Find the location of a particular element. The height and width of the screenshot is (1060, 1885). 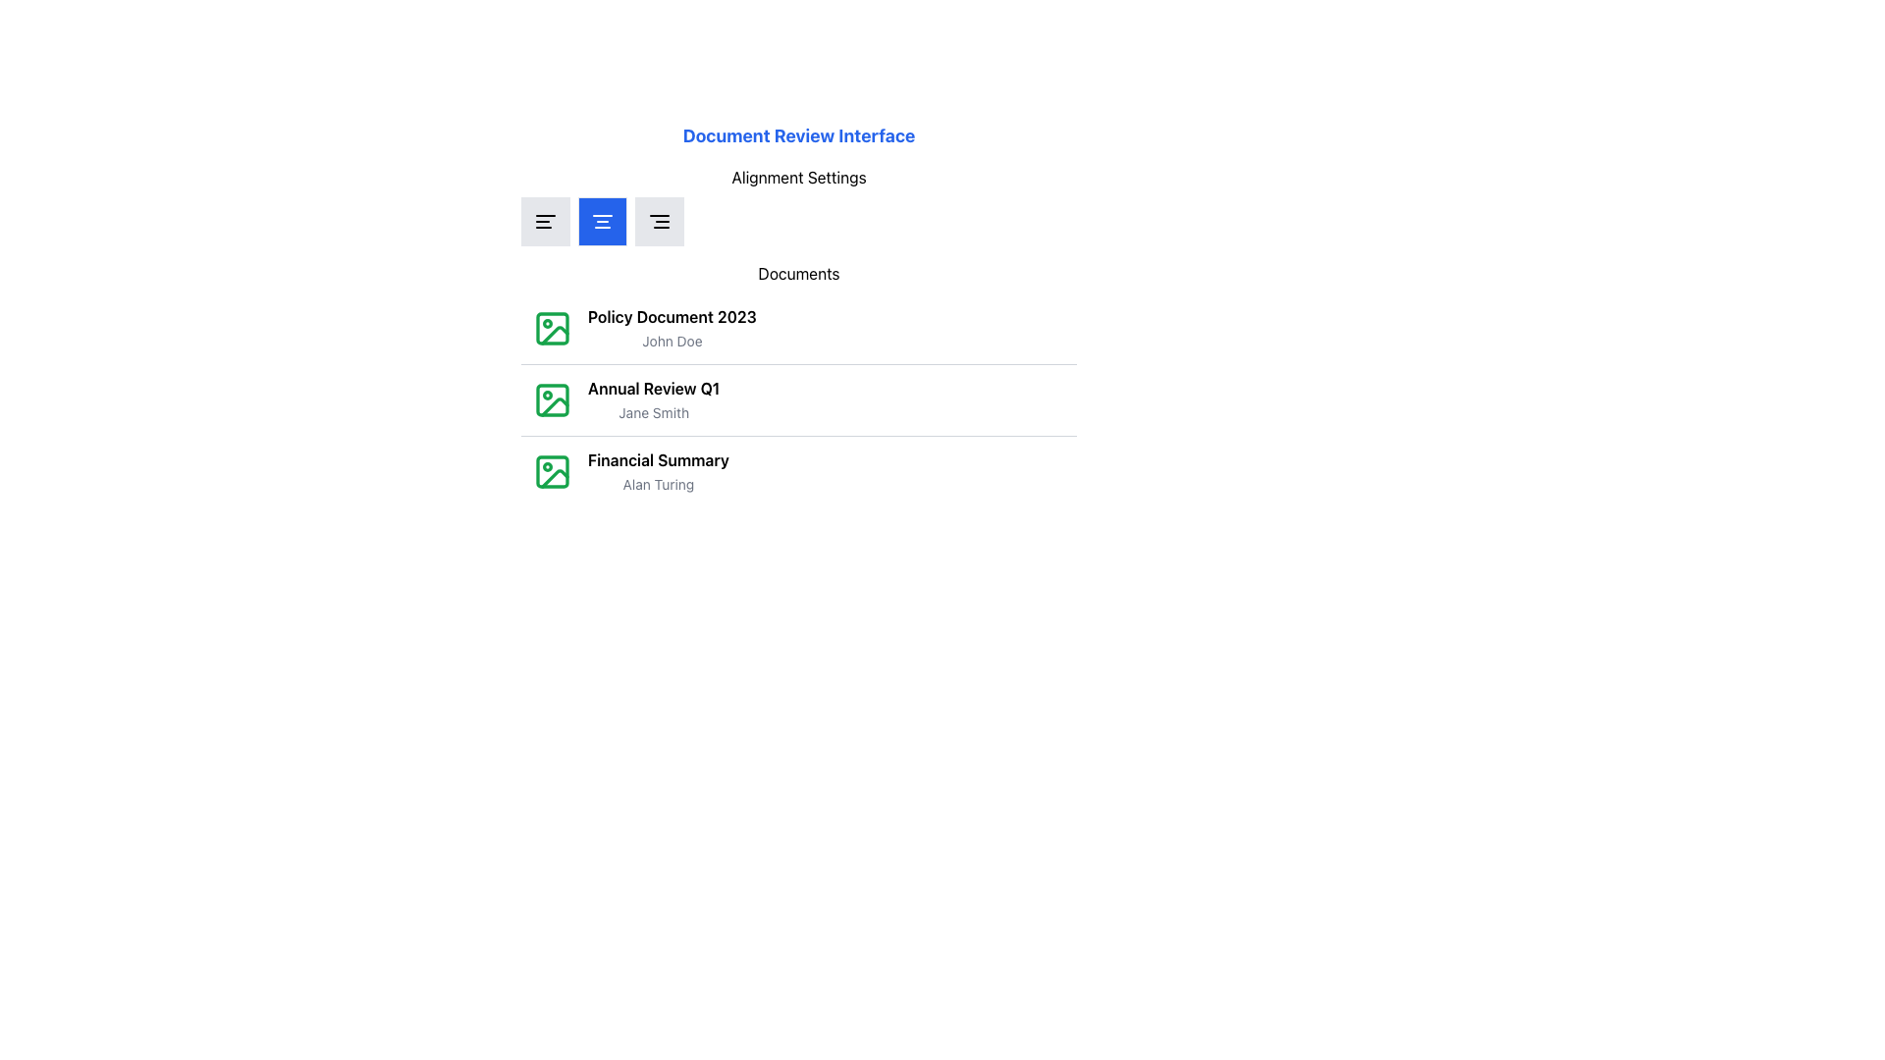

the composite list item for 'Policy Document 2023' owned by 'John Doe', which is the first entry in the 'Documents' section is located at coordinates (645, 328).